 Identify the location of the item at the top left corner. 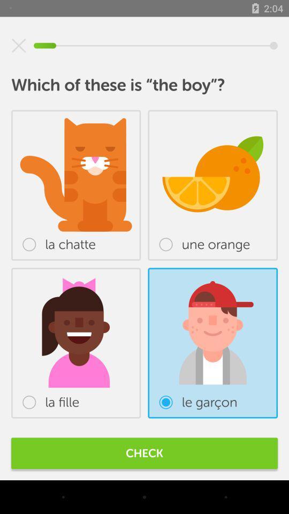
(19, 46).